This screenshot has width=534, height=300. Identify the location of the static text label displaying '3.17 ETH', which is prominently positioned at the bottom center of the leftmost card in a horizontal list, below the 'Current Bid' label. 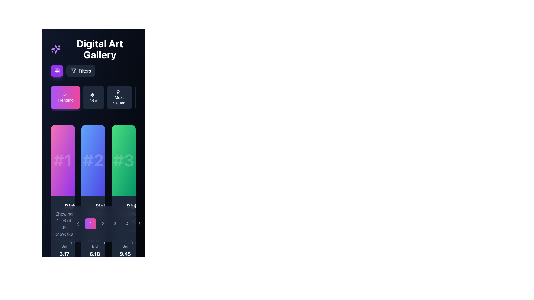
(64, 258).